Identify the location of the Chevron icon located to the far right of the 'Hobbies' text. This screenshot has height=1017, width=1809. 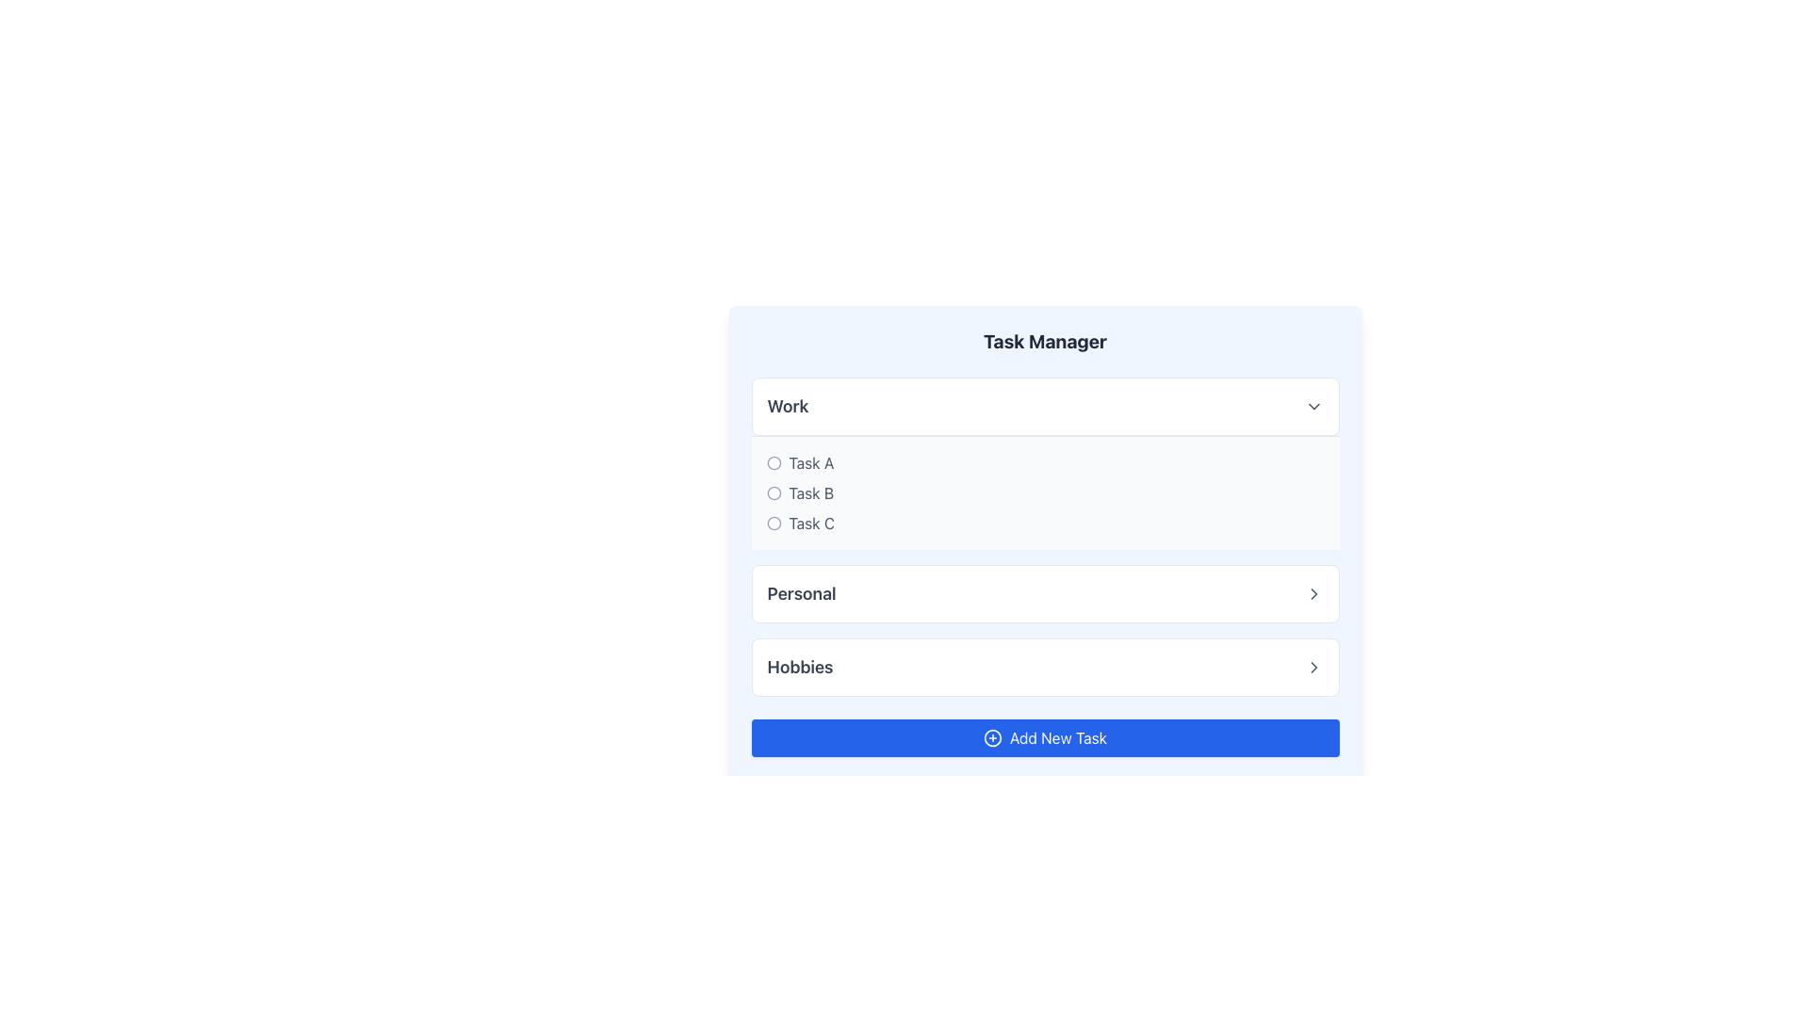
(1312, 667).